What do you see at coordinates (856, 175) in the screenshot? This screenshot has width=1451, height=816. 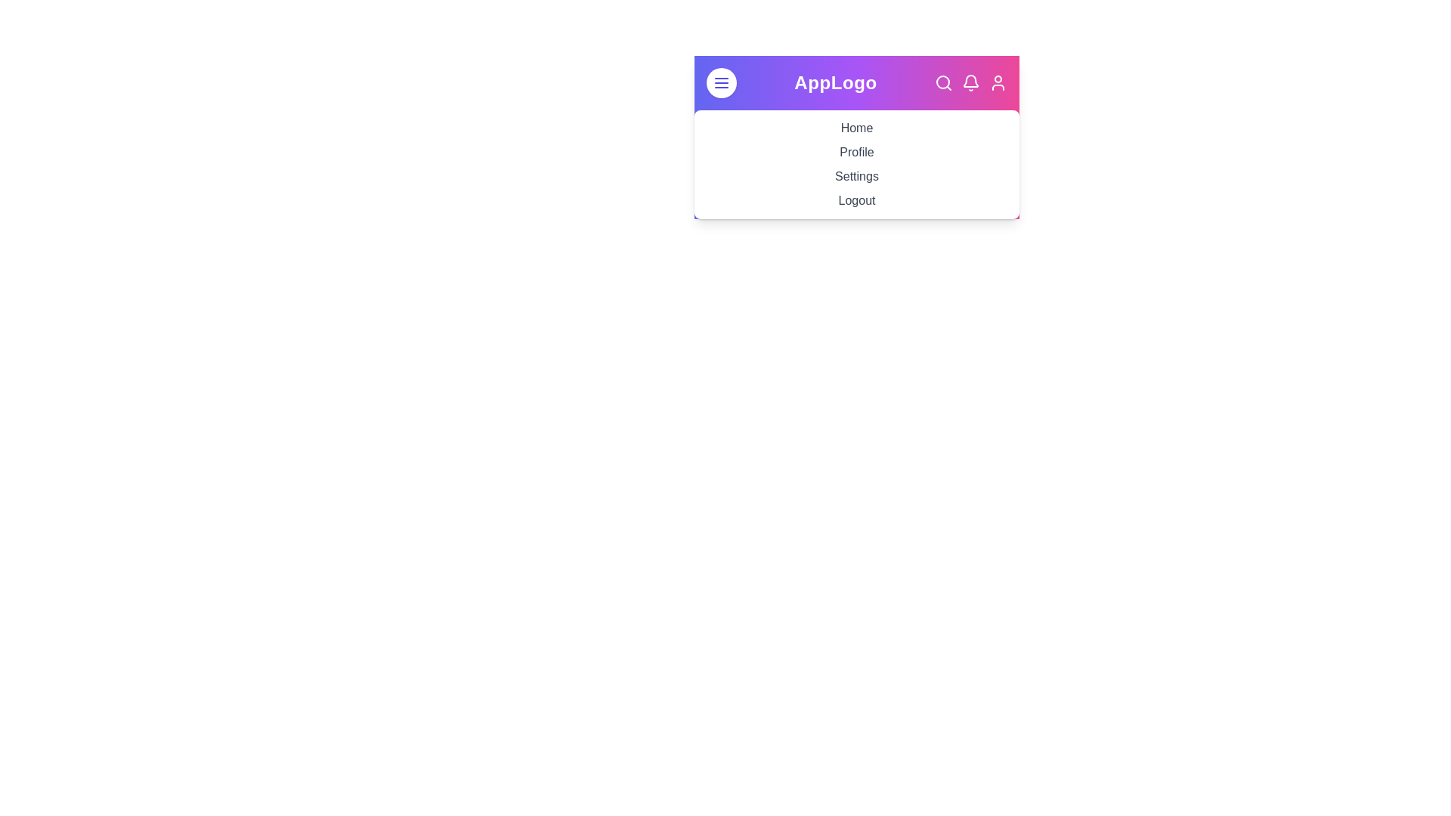 I see `the menu item Settings in the expanded menu` at bounding box center [856, 175].